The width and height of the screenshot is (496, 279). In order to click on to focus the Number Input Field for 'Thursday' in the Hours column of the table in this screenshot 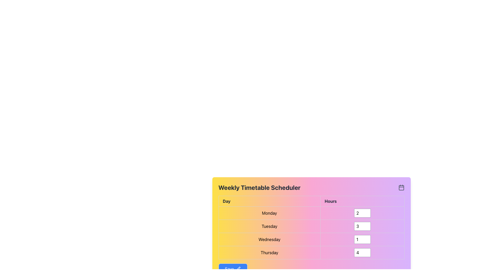, I will do `click(362, 252)`.